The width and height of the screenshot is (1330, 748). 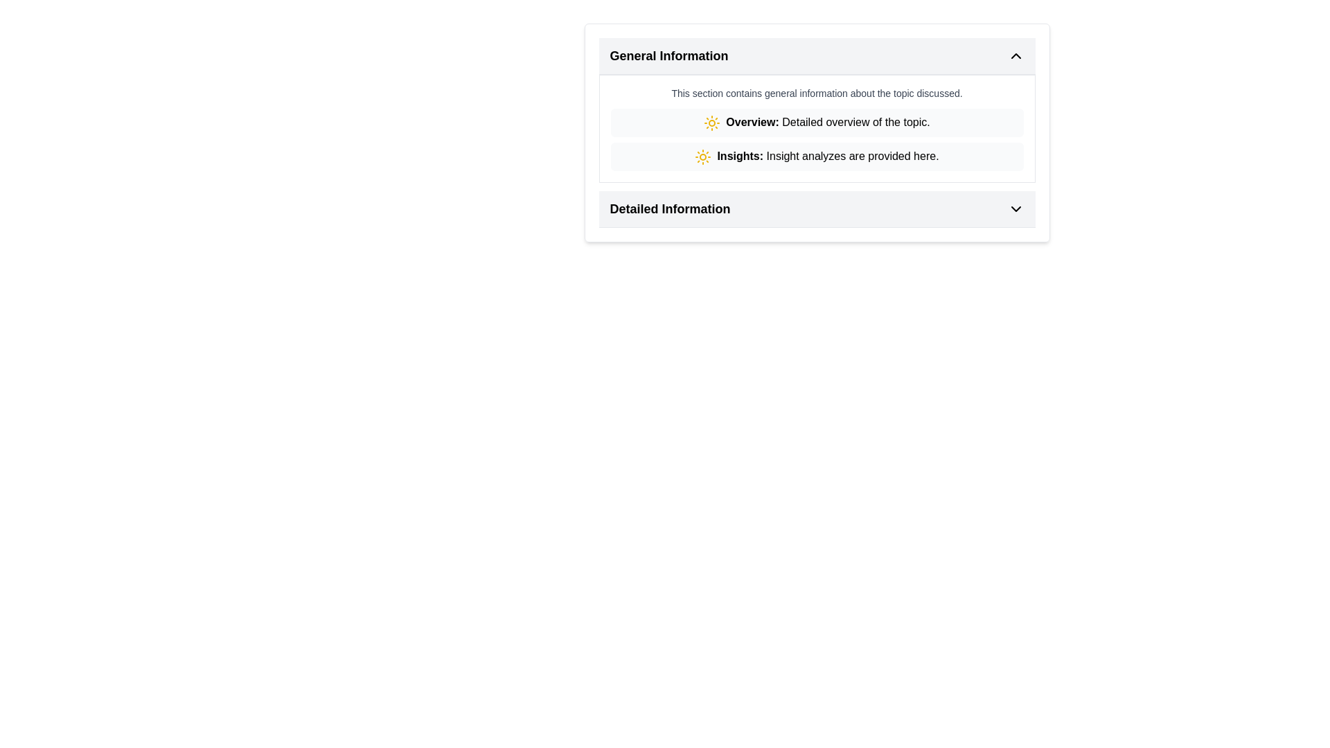 What do you see at coordinates (670, 208) in the screenshot?
I see `information from the Text Label that displays 'Detailed Information', located within the 'General Information' module` at bounding box center [670, 208].